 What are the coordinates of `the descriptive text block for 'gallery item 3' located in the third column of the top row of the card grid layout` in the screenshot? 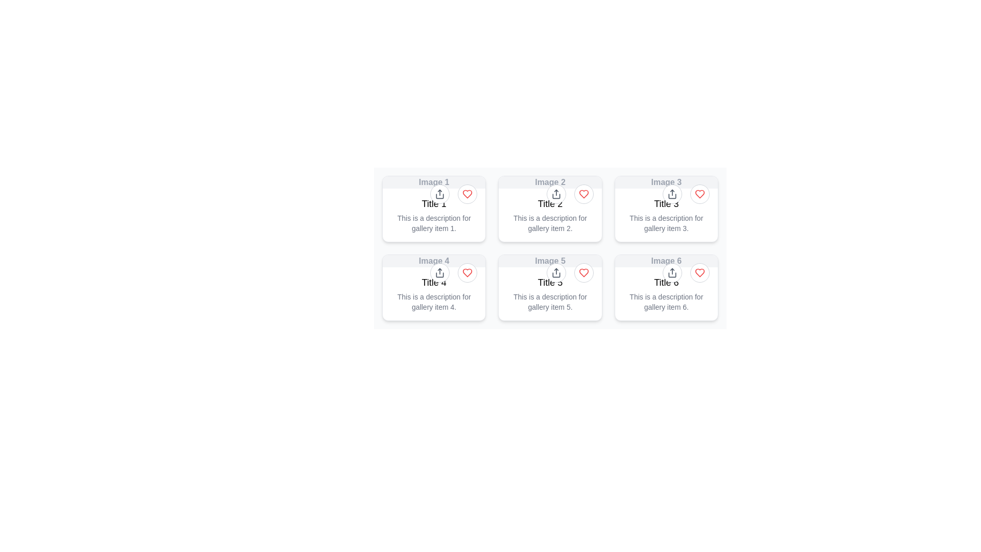 It's located at (666, 222).